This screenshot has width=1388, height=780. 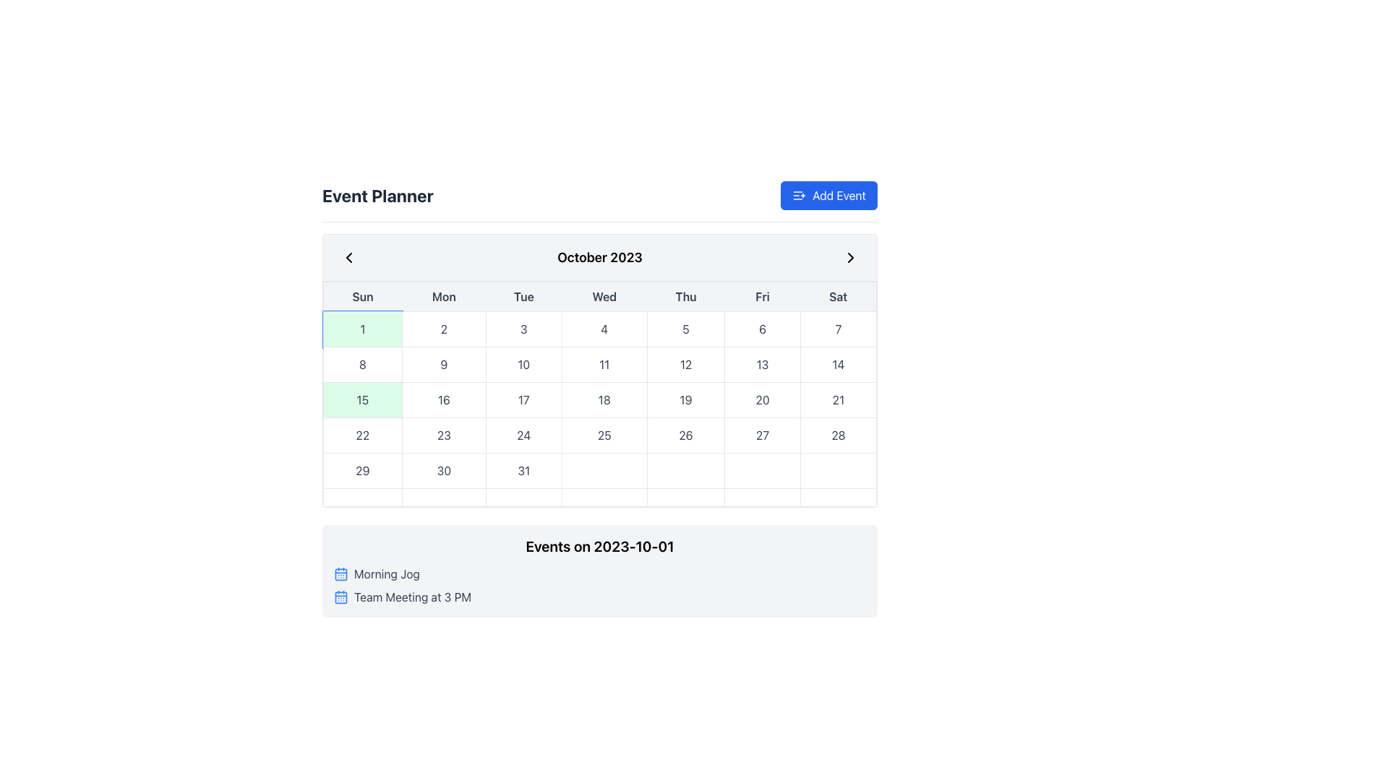 What do you see at coordinates (349, 257) in the screenshot?
I see `the button located in the top-left corner of the calendar header that navigates to the previous month, to receive visual feedback indicating interactivity` at bounding box center [349, 257].